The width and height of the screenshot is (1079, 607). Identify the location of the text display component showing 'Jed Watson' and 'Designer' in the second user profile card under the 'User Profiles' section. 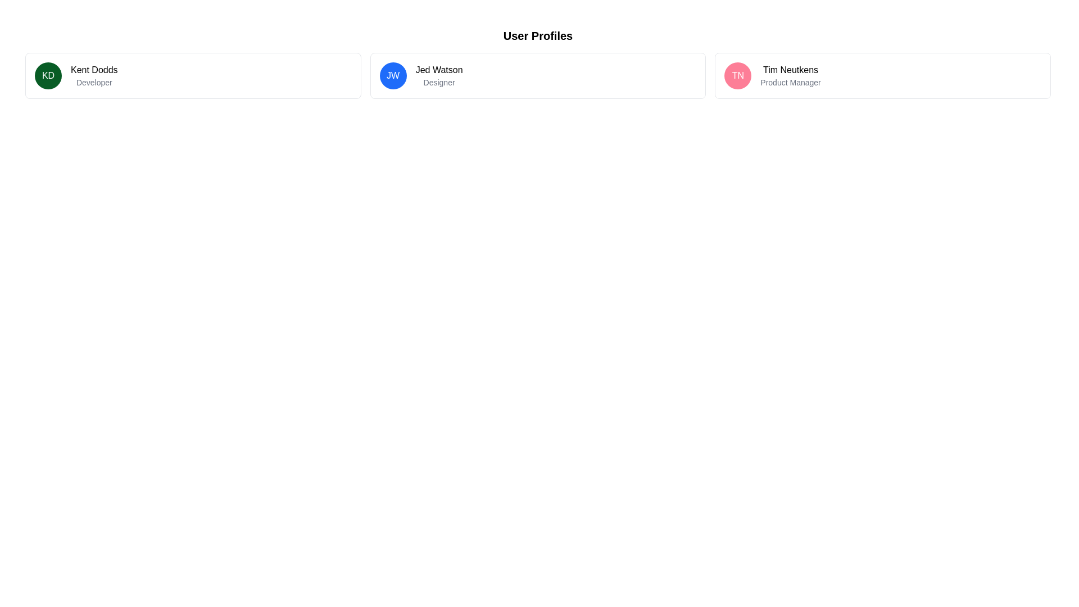
(438, 76).